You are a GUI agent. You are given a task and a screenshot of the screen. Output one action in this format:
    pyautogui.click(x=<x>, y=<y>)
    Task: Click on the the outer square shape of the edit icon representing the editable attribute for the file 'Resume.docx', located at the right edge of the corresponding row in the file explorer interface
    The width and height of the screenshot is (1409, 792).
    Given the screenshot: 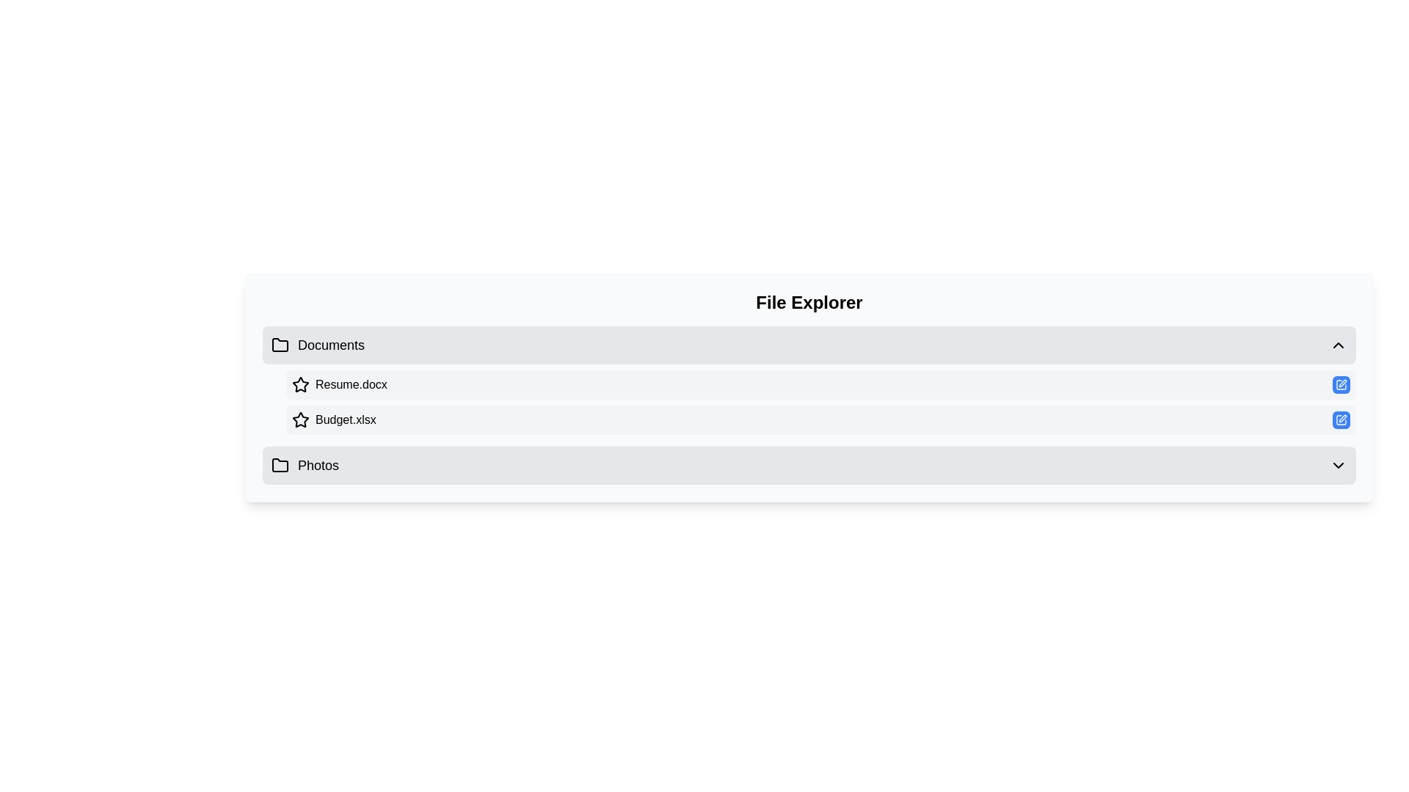 What is the action you would take?
    pyautogui.click(x=1341, y=384)
    